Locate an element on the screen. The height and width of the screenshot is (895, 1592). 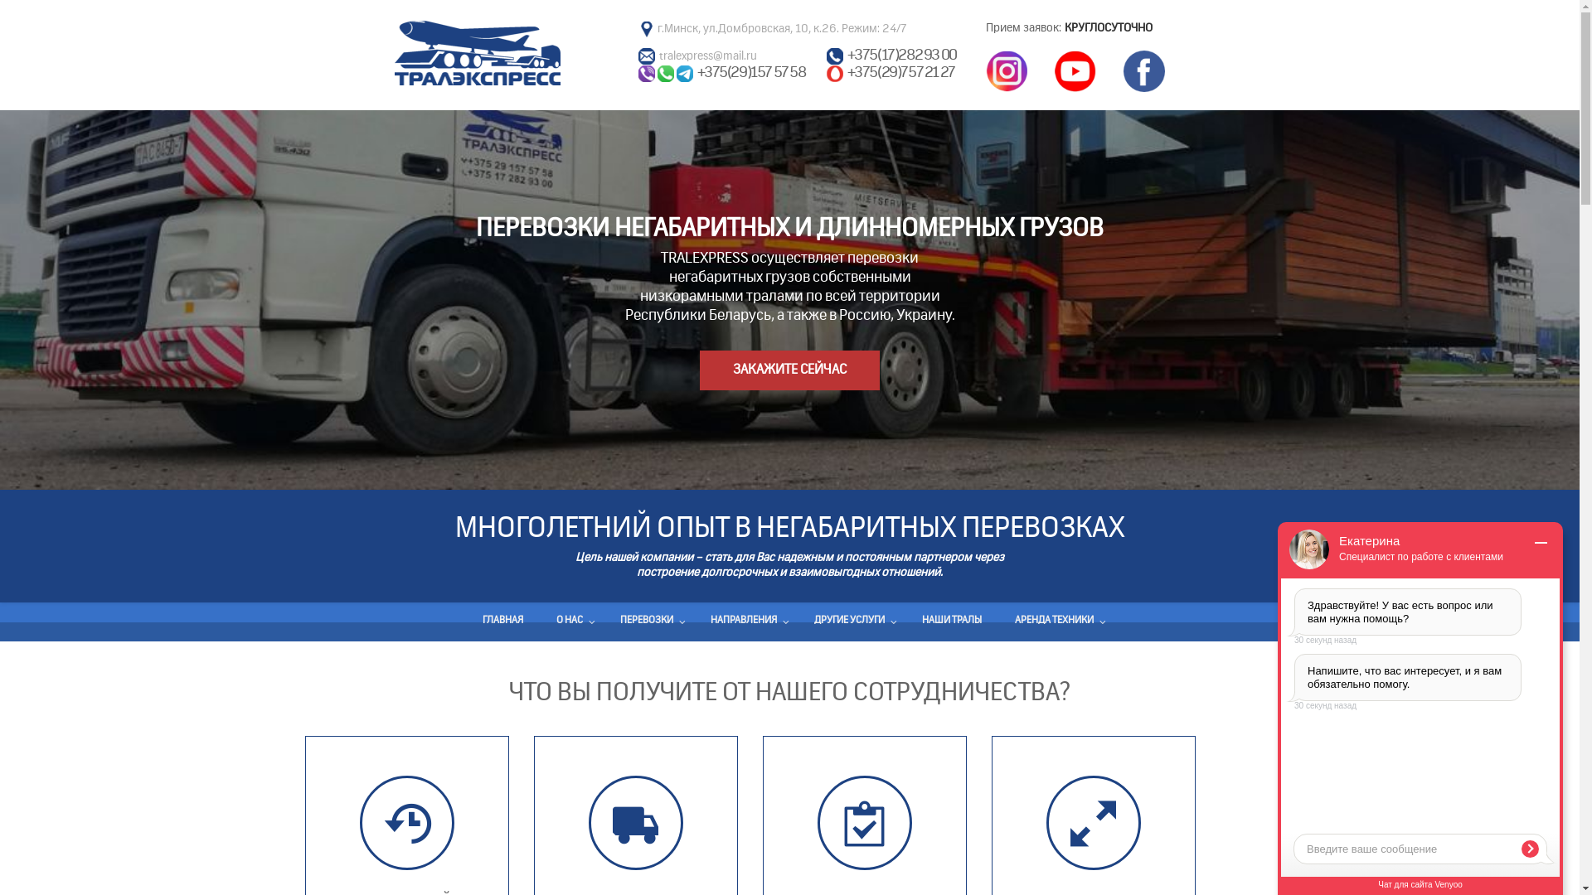
'+375(17)282 93 00' is located at coordinates (901, 54).